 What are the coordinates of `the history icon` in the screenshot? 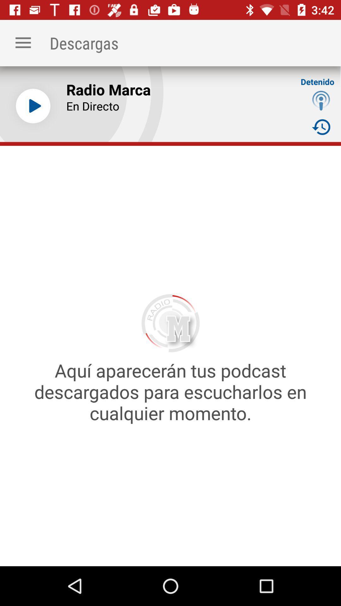 It's located at (321, 127).